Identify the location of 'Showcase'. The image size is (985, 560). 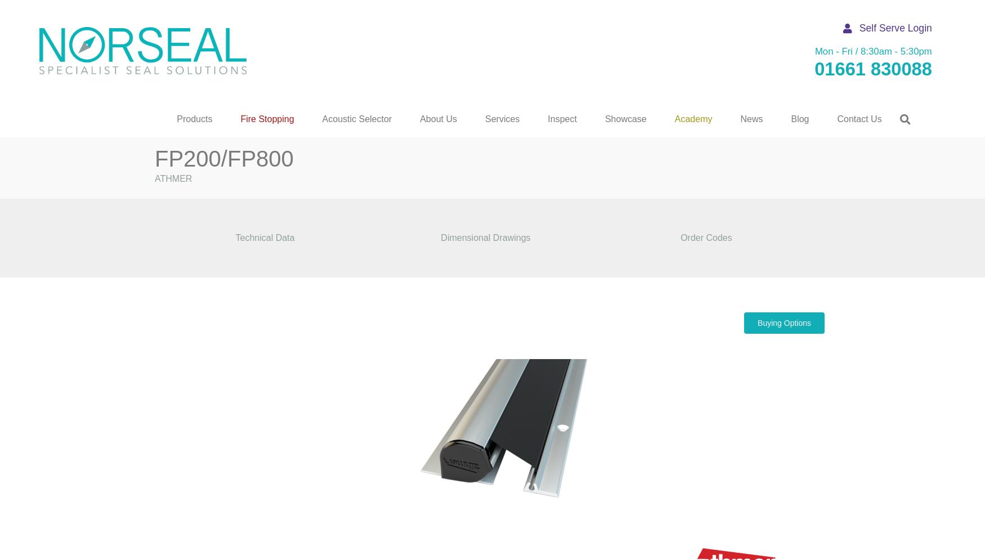
(625, 118).